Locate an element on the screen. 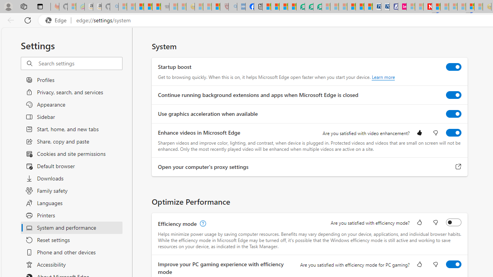 Image resolution: width=493 pixels, height=277 pixels. 'NCL Adult Asthma Inhaler Choice Guideline - Sleeping' is located at coordinates (241, 7).